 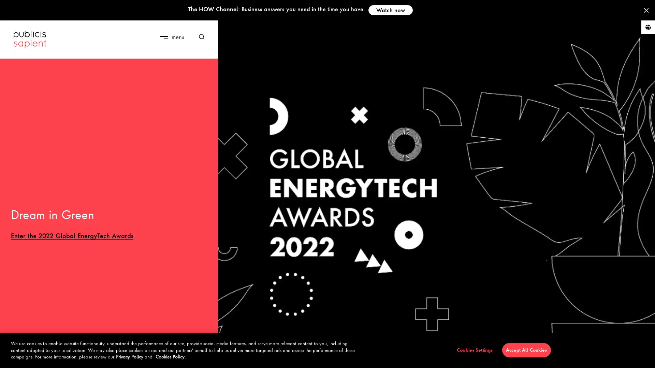 What do you see at coordinates (70, 358) in the screenshot?
I see `Display Slide 6` at bounding box center [70, 358].